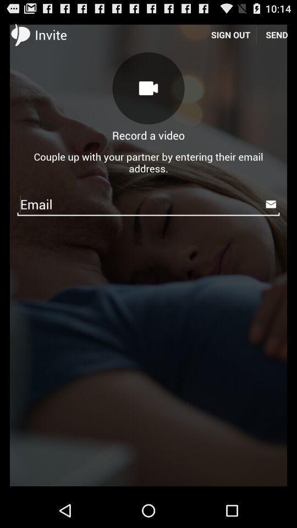 Image resolution: width=297 pixels, height=528 pixels. Describe the element at coordinates (276, 34) in the screenshot. I see `icon to the right of sign out item` at that location.